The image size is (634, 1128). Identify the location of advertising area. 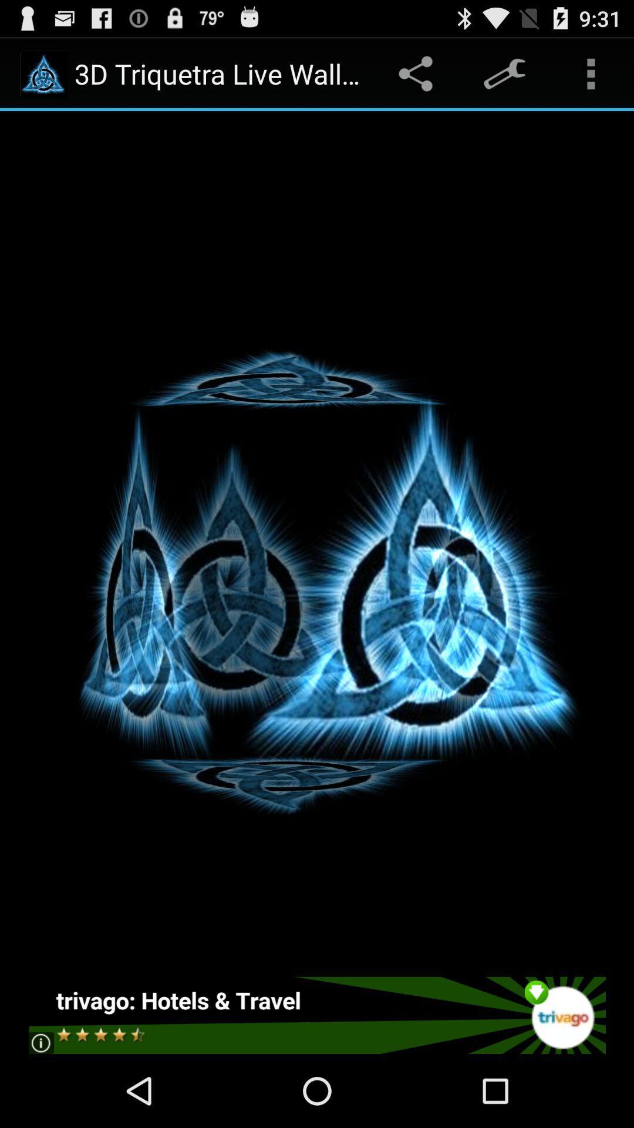
(316, 1015).